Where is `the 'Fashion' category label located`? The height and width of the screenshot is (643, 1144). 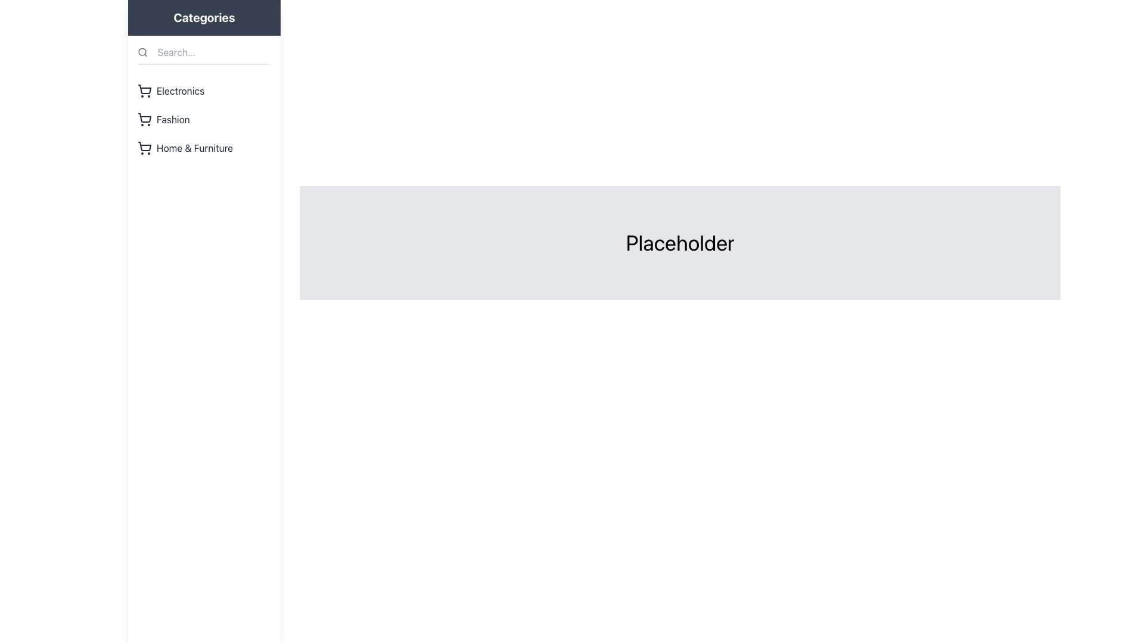
the 'Fashion' category label located is located at coordinates (172, 119).